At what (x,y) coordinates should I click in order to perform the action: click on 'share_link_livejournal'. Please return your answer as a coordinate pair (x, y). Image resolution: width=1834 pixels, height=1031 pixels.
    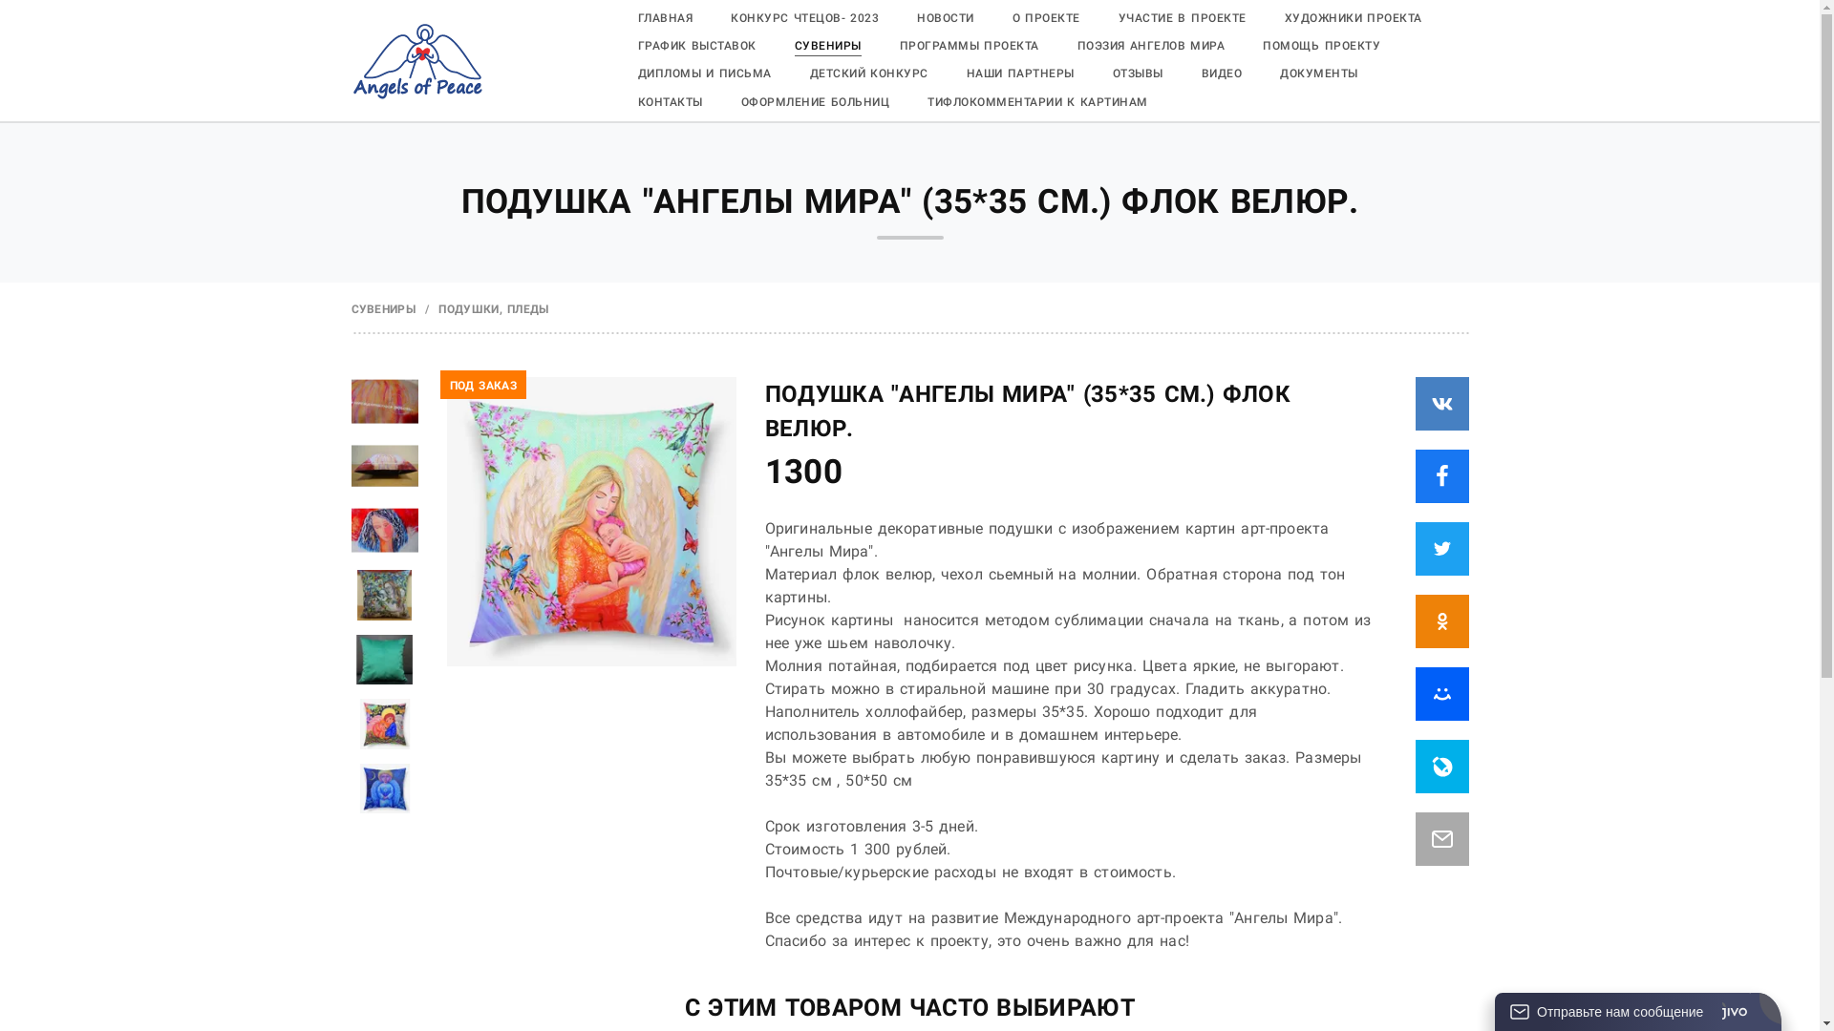
    Looking at the image, I should click on (1416, 765).